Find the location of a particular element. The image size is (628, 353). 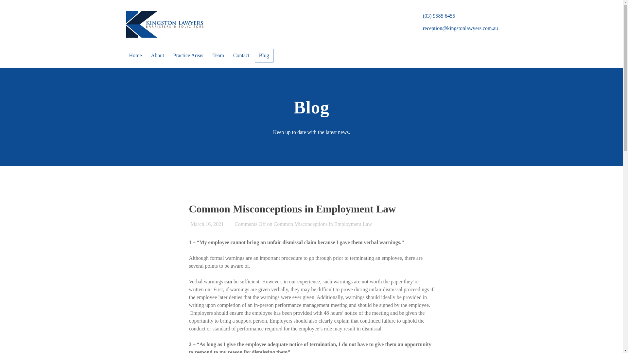

'Home' is located at coordinates (135, 55).